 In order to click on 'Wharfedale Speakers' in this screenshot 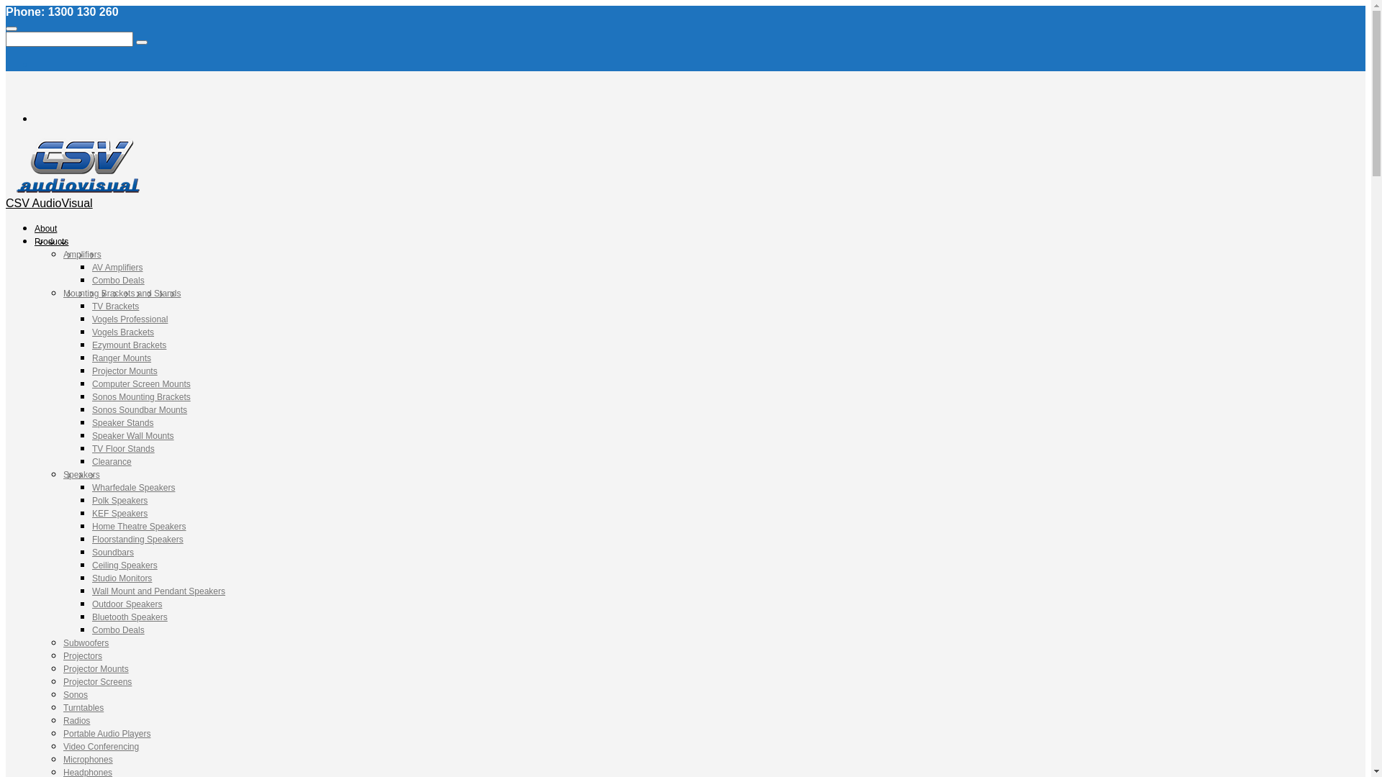, I will do `click(133, 487)`.